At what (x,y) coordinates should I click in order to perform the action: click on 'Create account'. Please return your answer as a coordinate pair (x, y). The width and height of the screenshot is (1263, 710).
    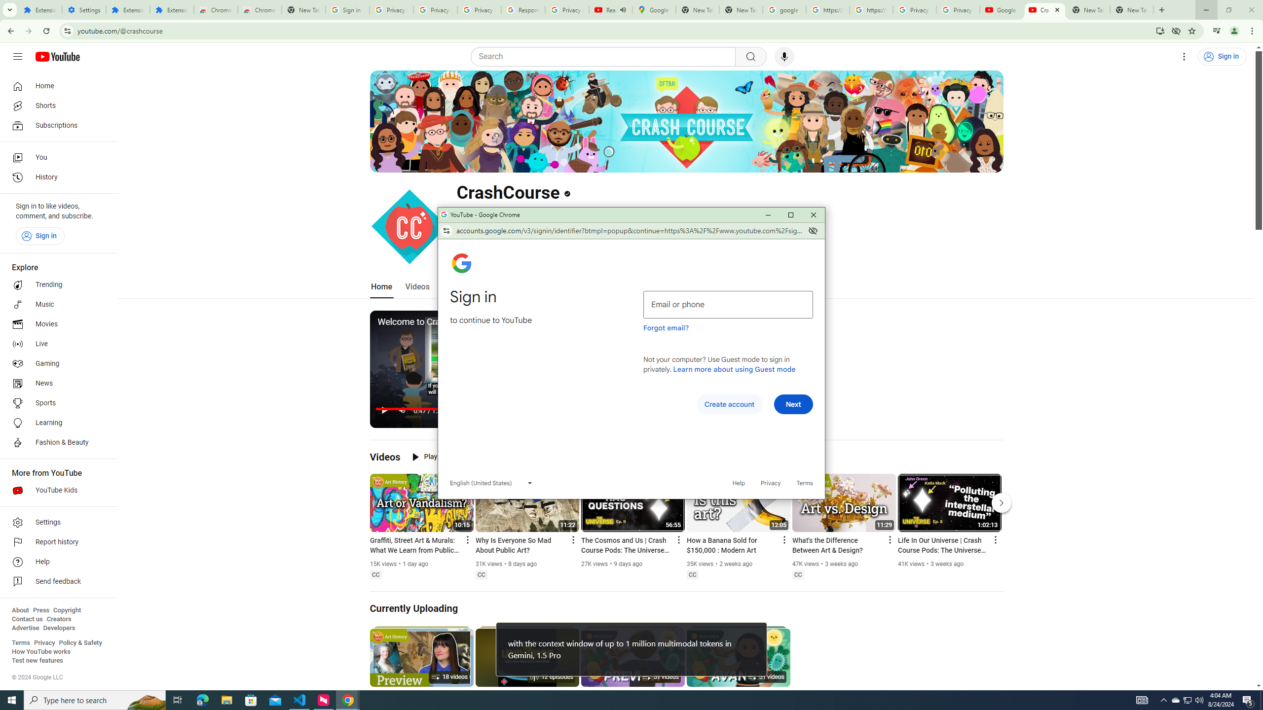
    Looking at the image, I should click on (729, 404).